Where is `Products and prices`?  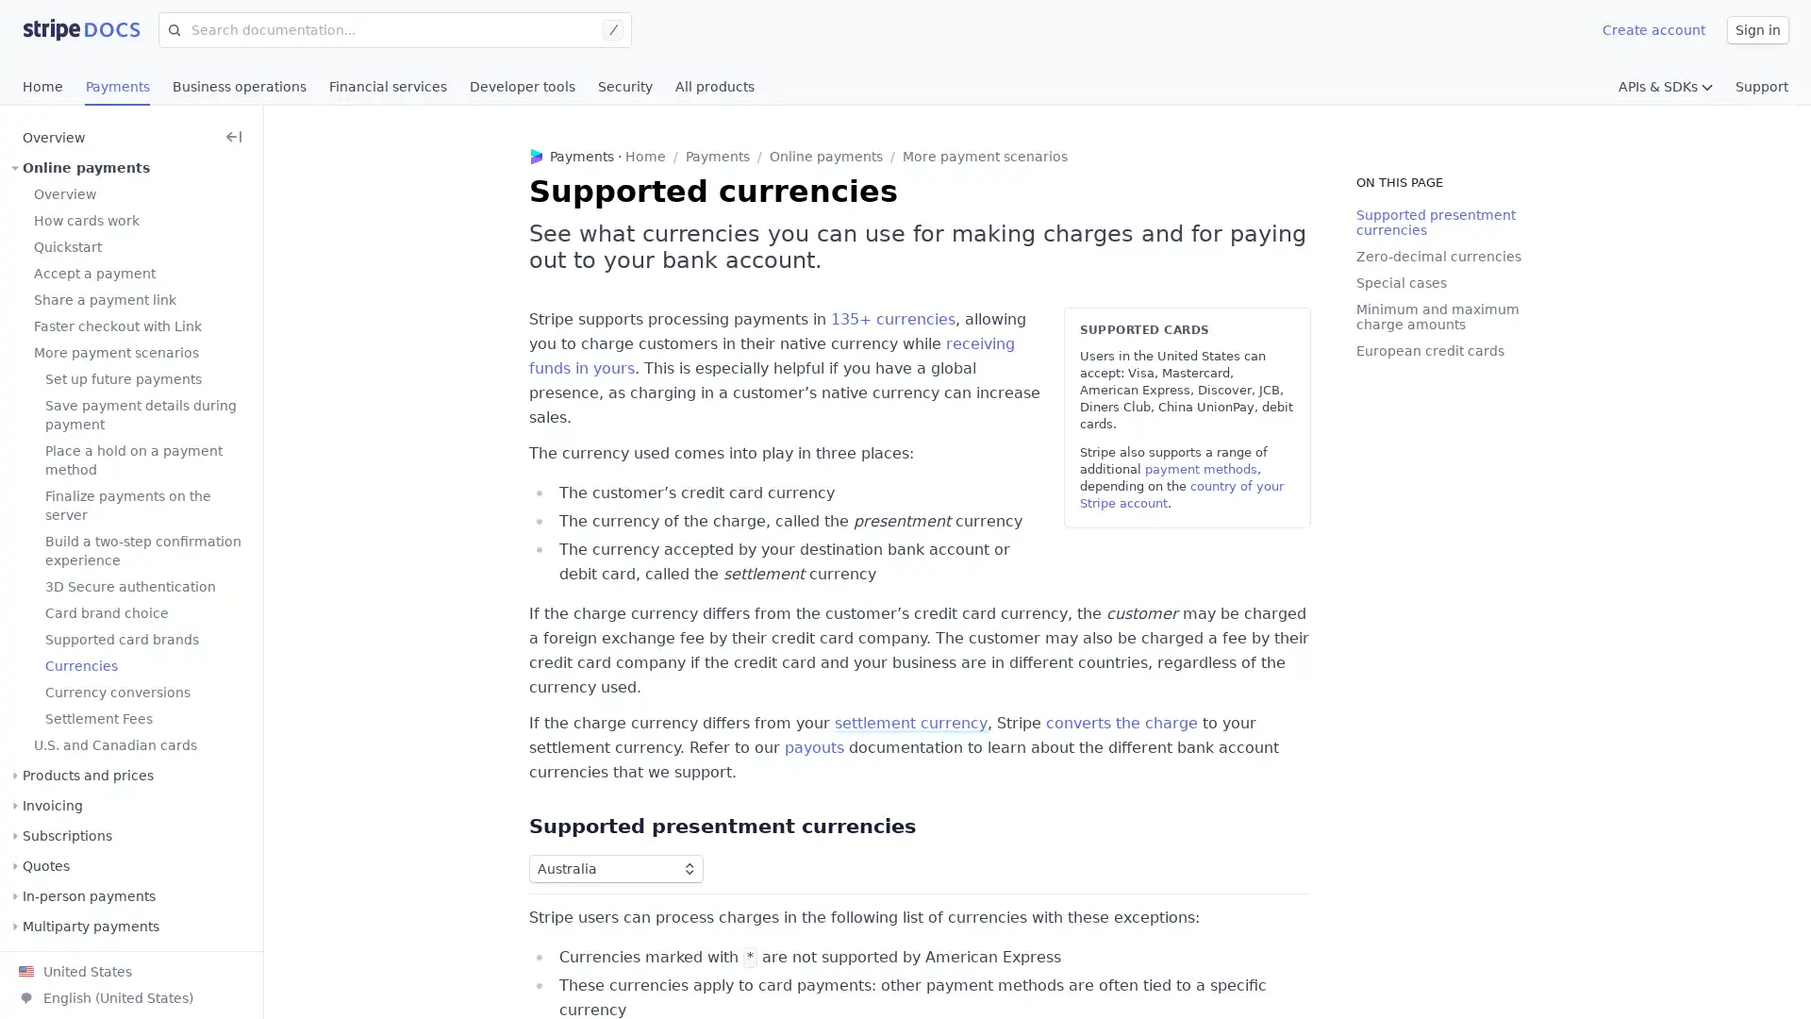 Products and prices is located at coordinates (87, 775).